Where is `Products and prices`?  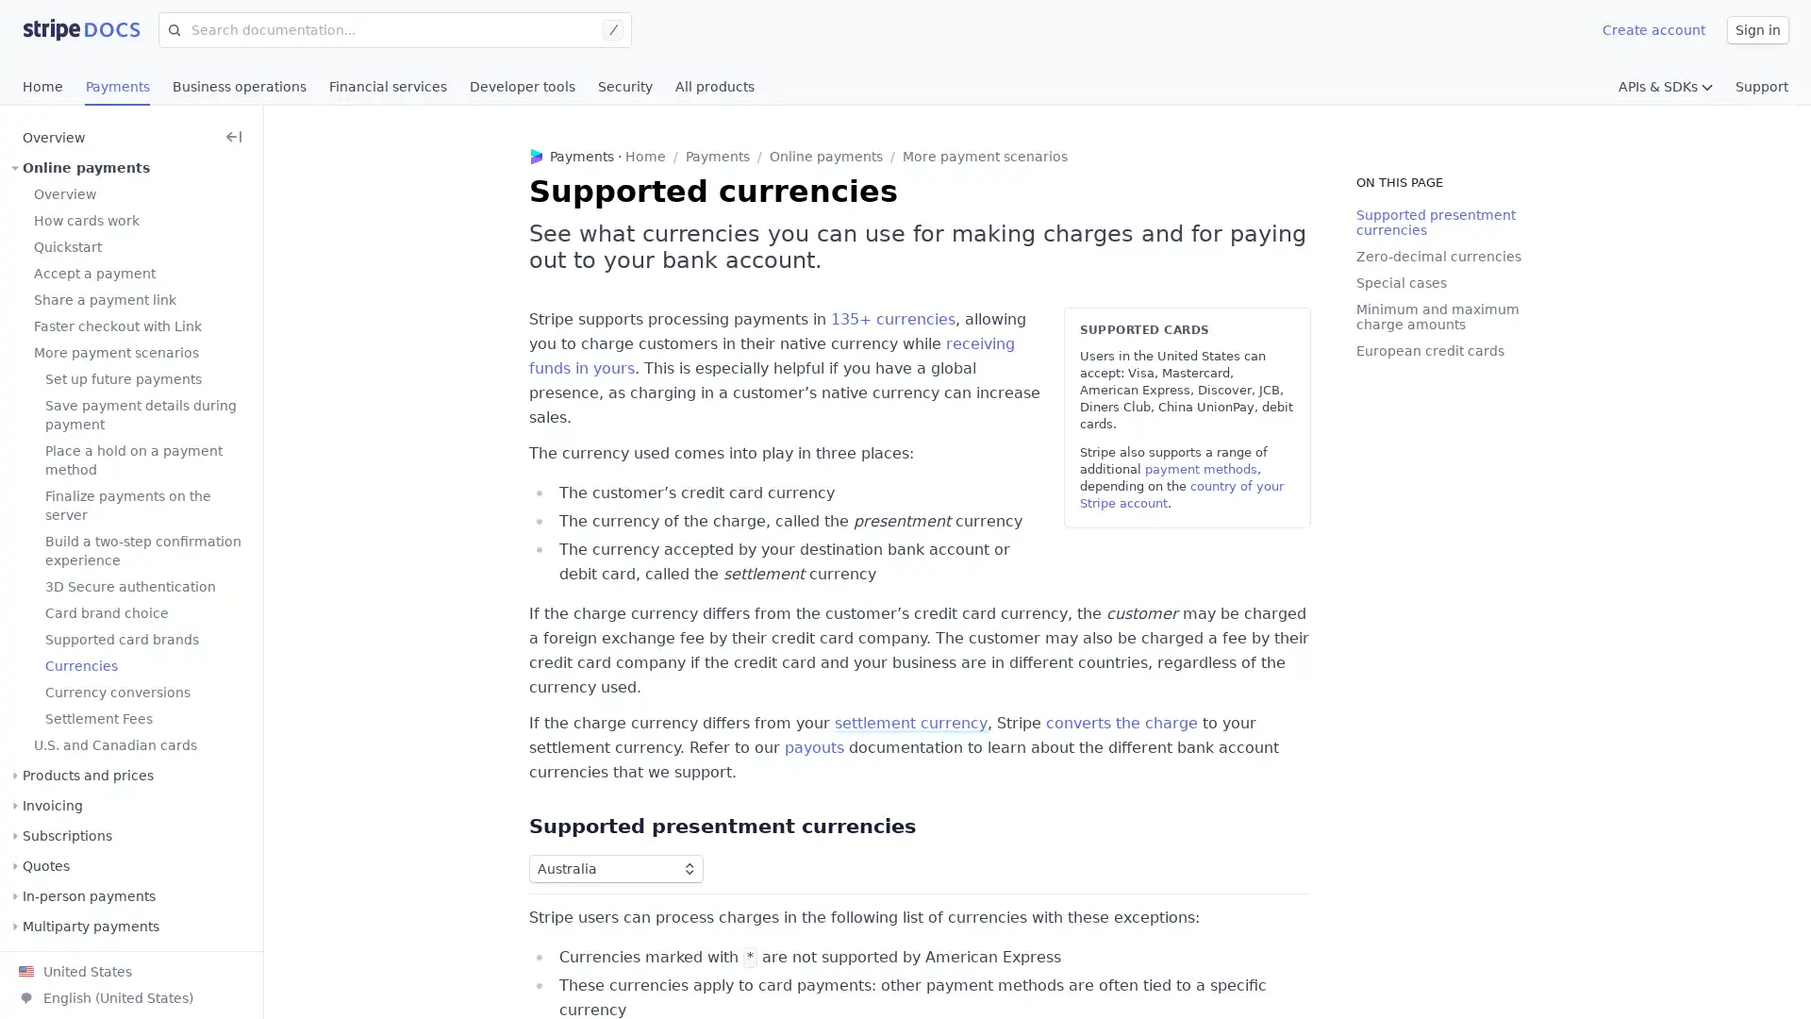 Products and prices is located at coordinates (87, 775).